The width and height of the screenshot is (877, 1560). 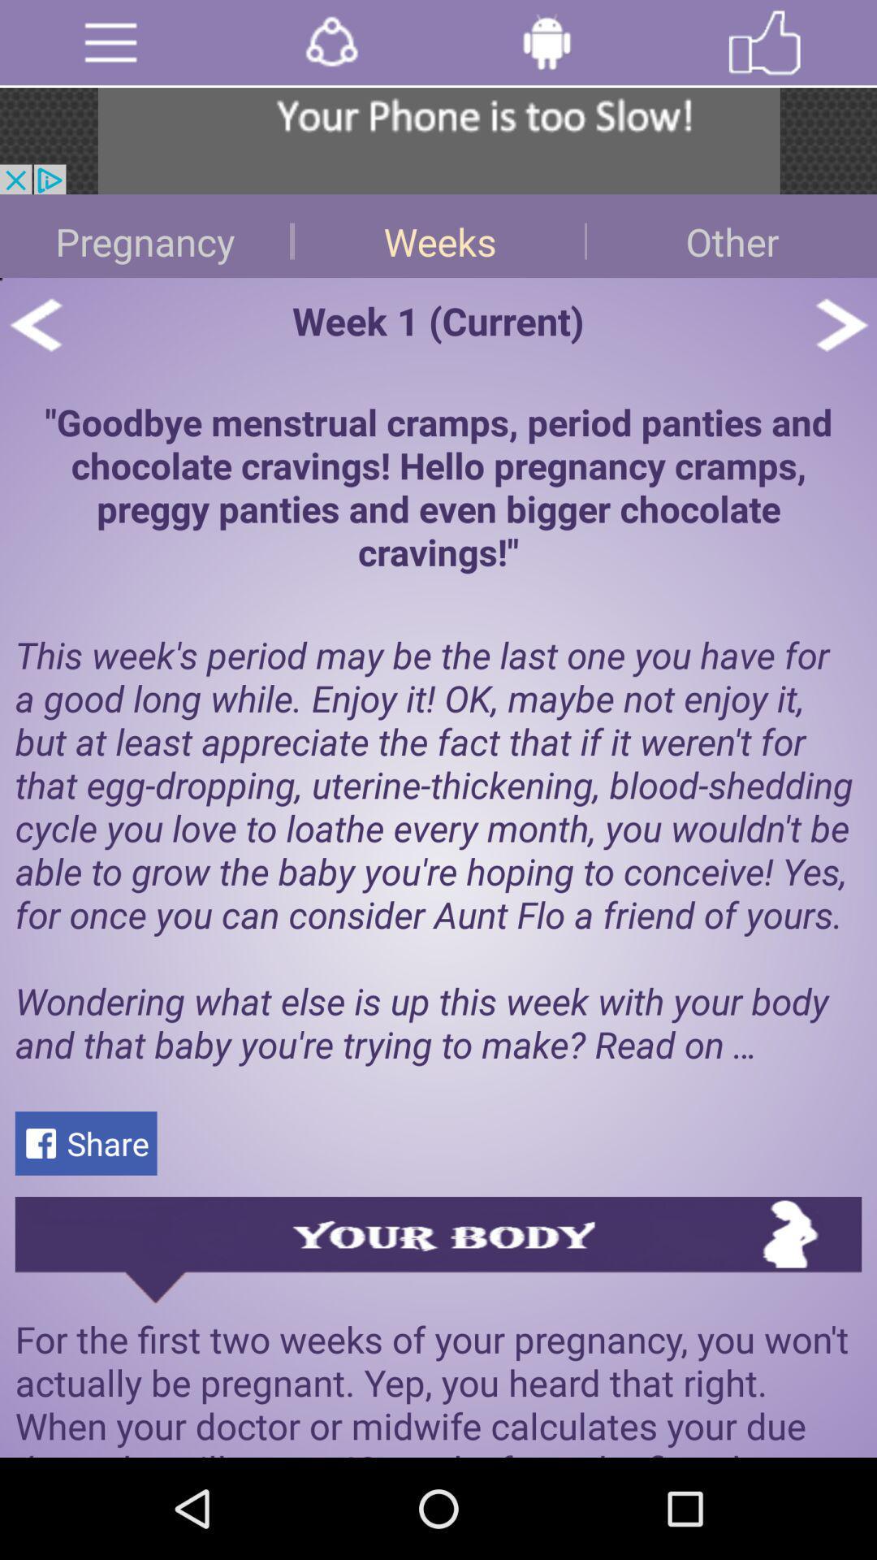 I want to click on open menu, so click(x=110, y=42).